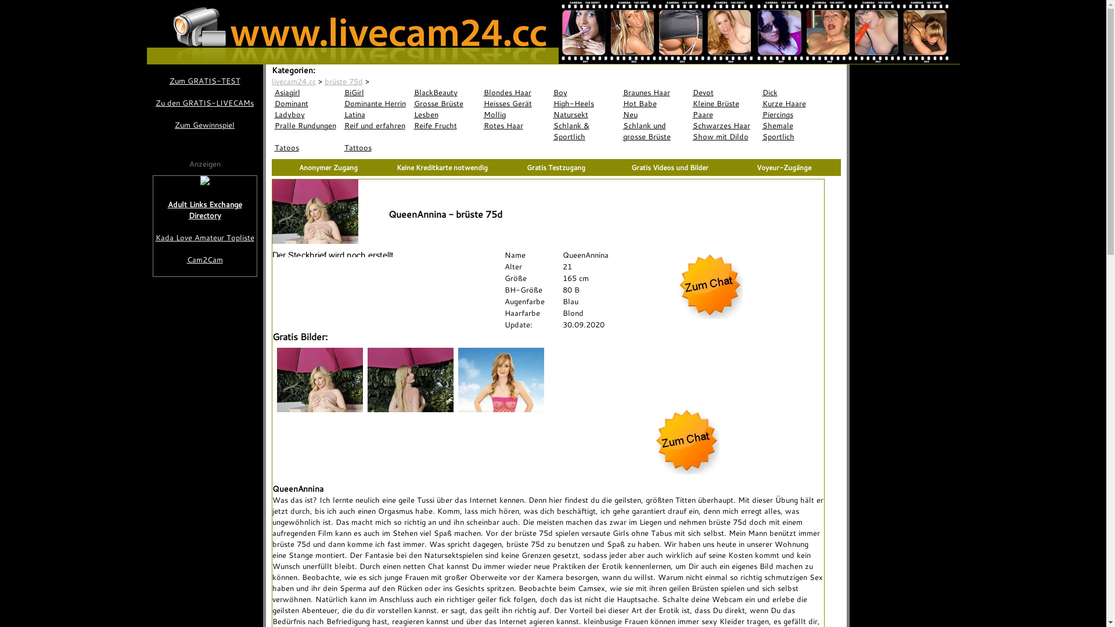  I want to click on 'Neu', so click(655, 114).